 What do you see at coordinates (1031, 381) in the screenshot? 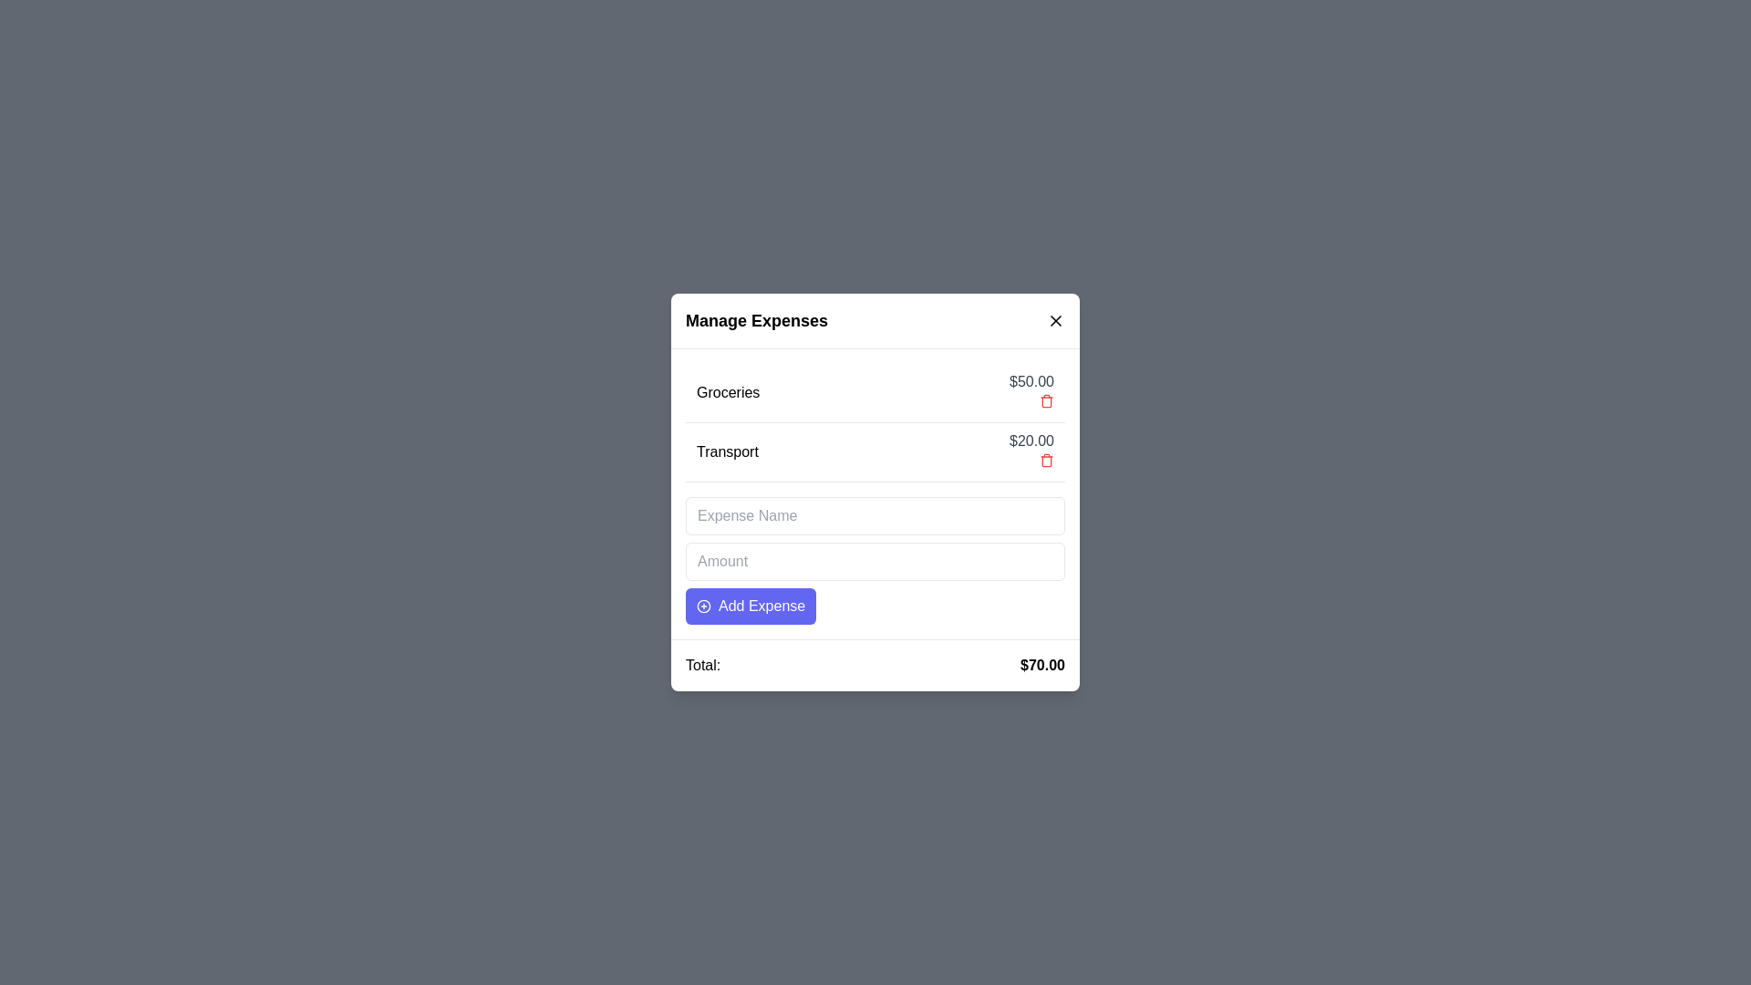
I see `the light gray text label displaying '$50.00' in bold, located in the right-aligned column of the expense listing table for the 'Groceries' row` at bounding box center [1031, 381].